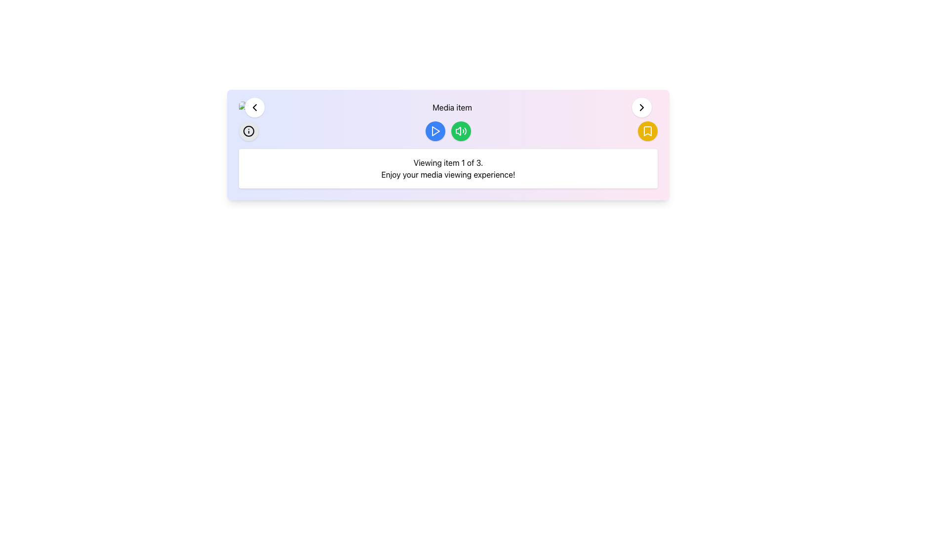 This screenshot has width=948, height=533. I want to click on the navigation button located in the top-right corner of the section, so click(642, 108).